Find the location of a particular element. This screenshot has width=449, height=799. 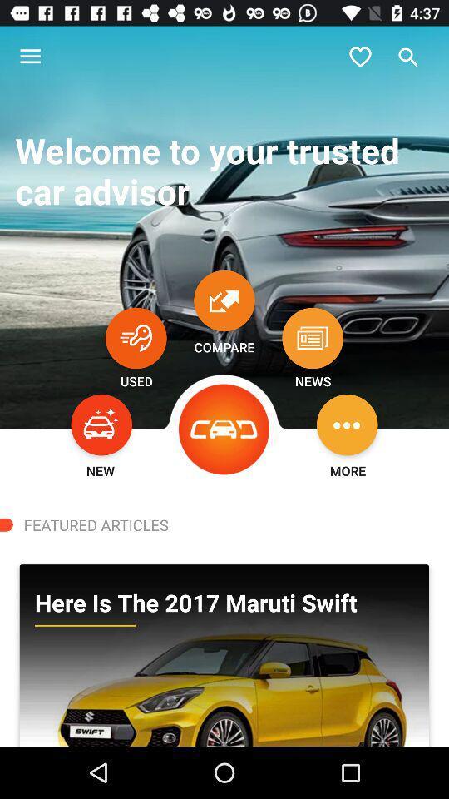

see used cars is located at coordinates (135, 337).